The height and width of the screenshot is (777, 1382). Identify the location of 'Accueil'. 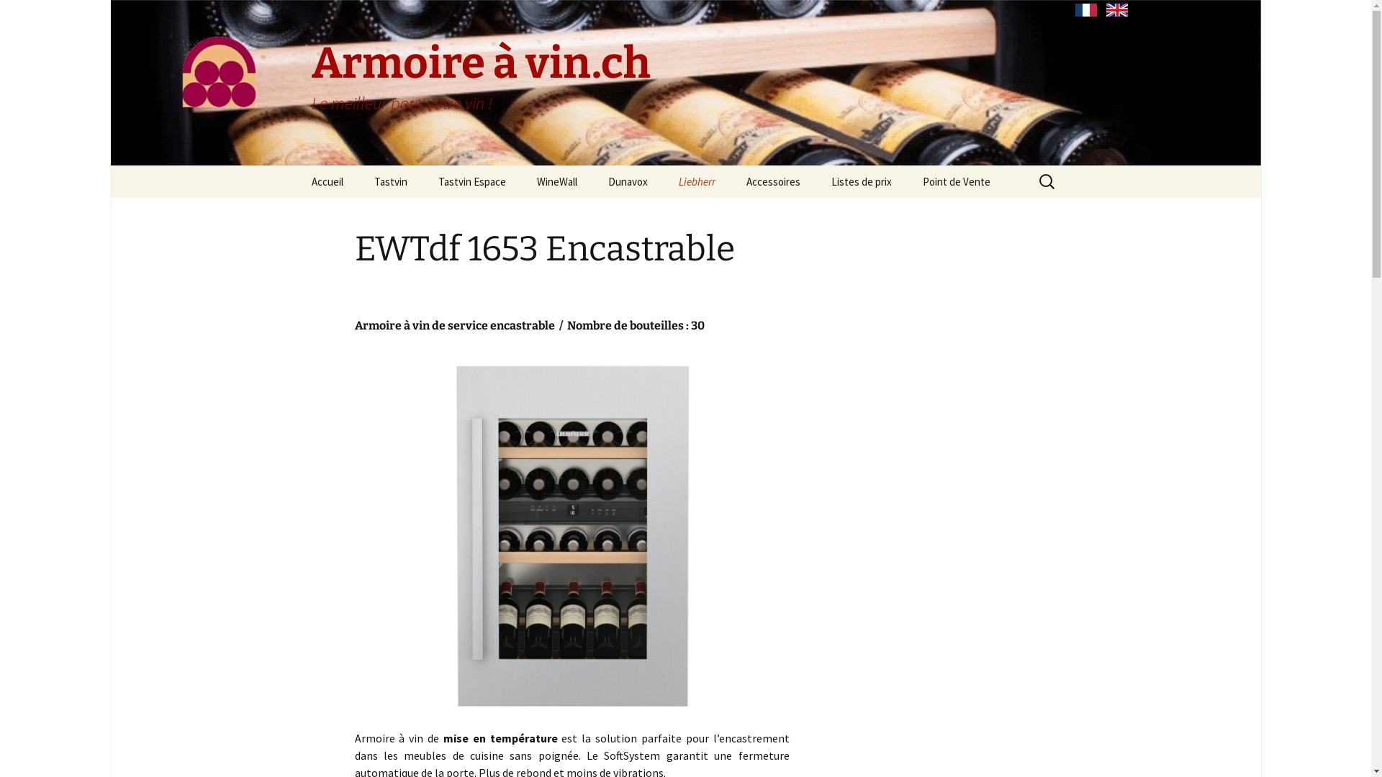
(326, 181).